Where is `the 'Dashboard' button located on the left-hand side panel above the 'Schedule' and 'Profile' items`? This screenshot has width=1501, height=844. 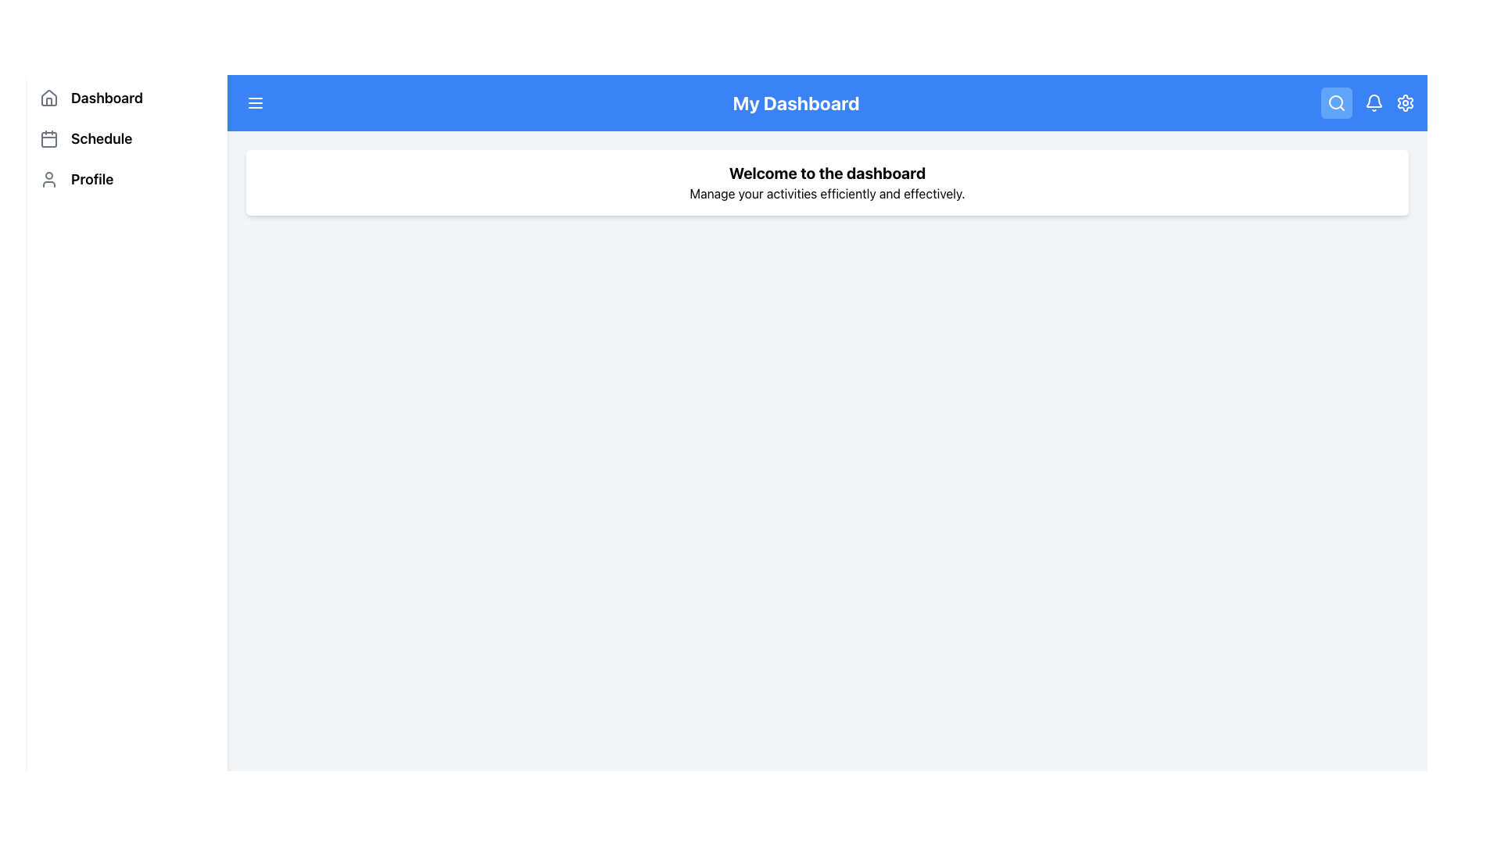 the 'Dashboard' button located on the left-hand side panel above the 'Schedule' and 'Profile' items is located at coordinates (127, 98).